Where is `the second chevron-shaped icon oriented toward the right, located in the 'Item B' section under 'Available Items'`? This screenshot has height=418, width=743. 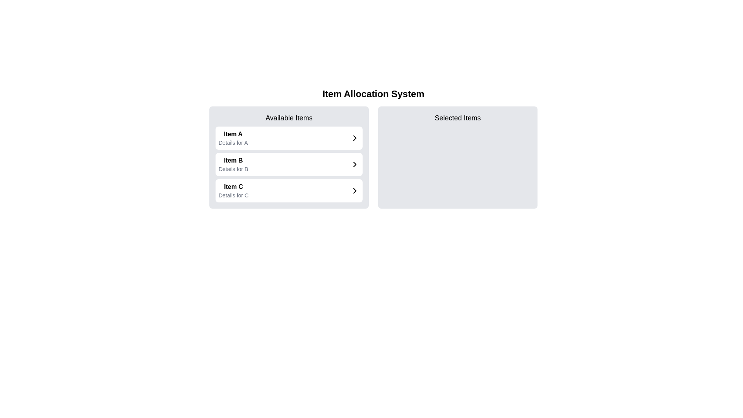 the second chevron-shaped icon oriented toward the right, located in the 'Item B' section under 'Available Items' is located at coordinates (354, 164).